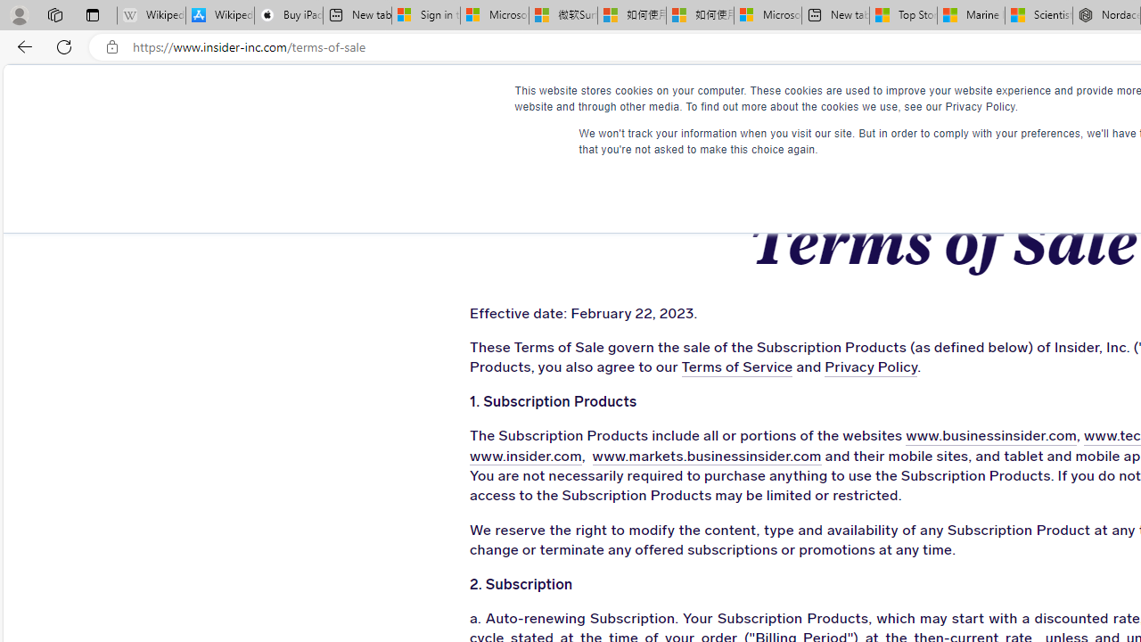 The image size is (1141, 642). Describe the element at coordinates (736, 366) in the screenshot. I see `'Terms of Service'` at that location.